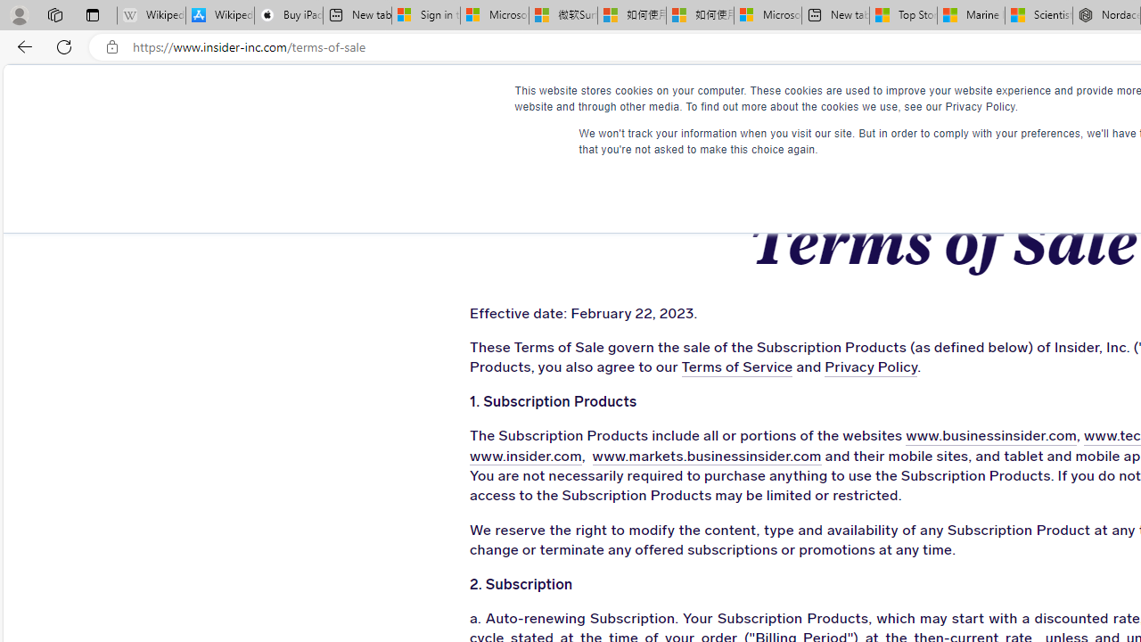 The image size is (1141, 642). Describe the element at coordinates (736, 366) in the screenshot. I see `'Terms of Service'` at that location.